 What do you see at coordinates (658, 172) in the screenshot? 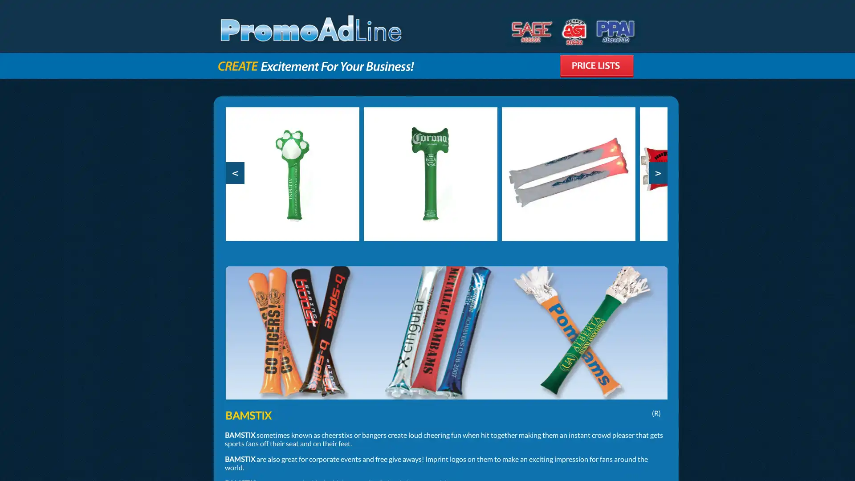
I see `>` at bounding box center [658, 172].